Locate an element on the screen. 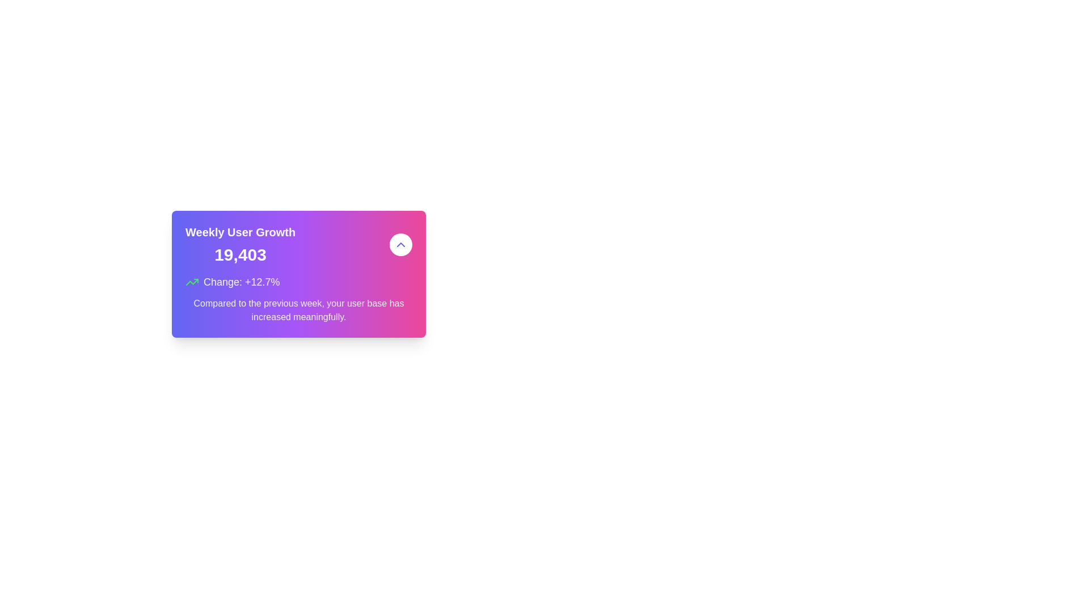 The image size is (1089, 612). the circular button with a white background and indigo-colored up-chevron icon, located to the right of the '19,403' statistic in the 'Weekly User Growth' section is located at coordinates (400, 244).